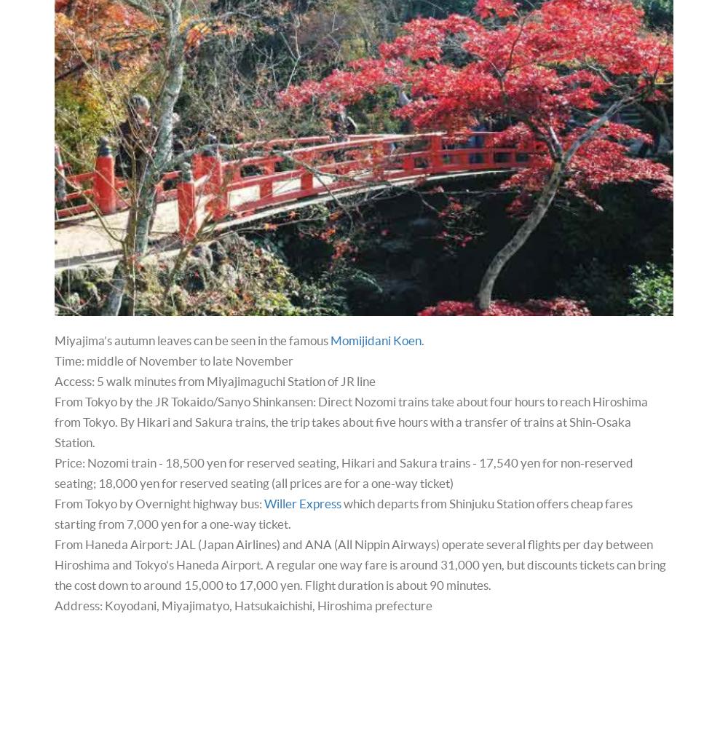 This screenshot has width=728, height=745. Describe the element at coordinates (159, 502) in the screenshot. I see `'From Tokyo by Overnight highway bus:'` at that location.